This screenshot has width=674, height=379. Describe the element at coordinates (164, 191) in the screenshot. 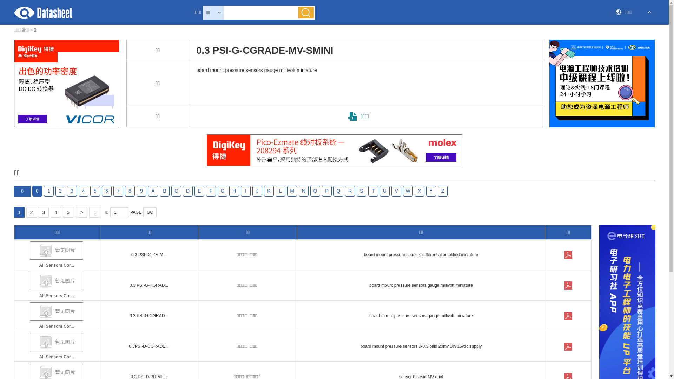

I see `'B'` at that location.